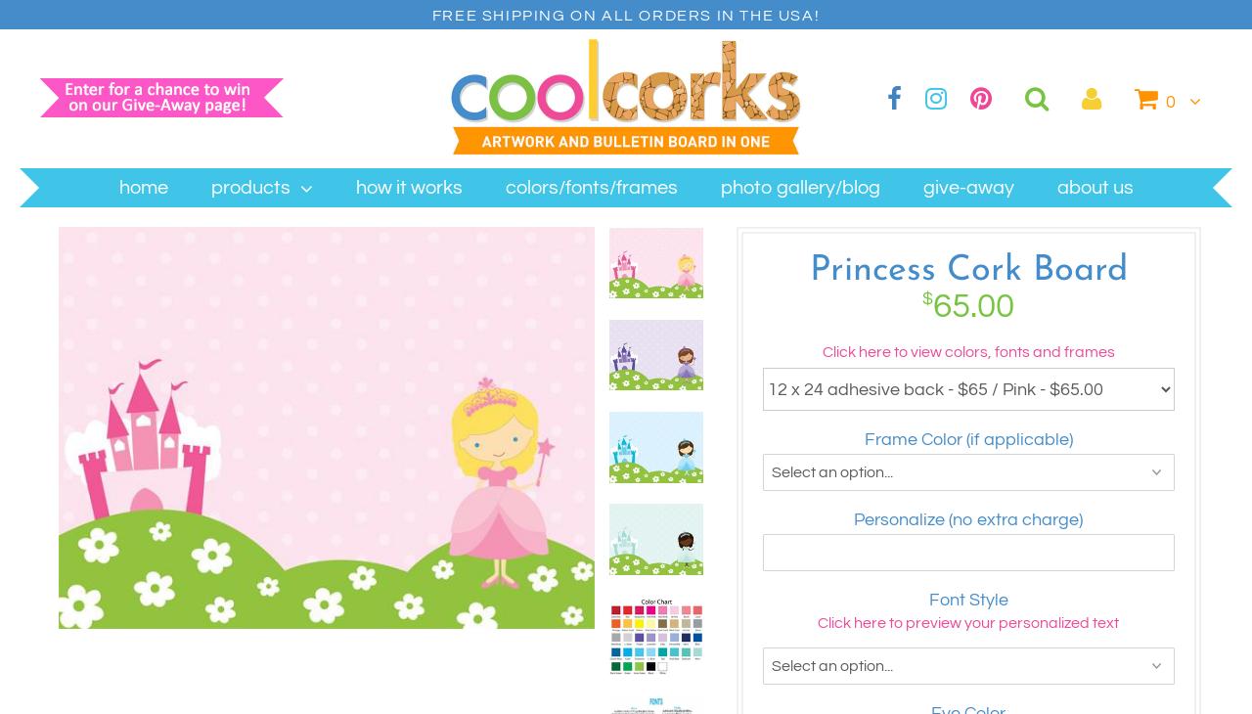  Describe the element at coordinates (967, 600) in the screenshot. I see `'Font Style'` at that location.